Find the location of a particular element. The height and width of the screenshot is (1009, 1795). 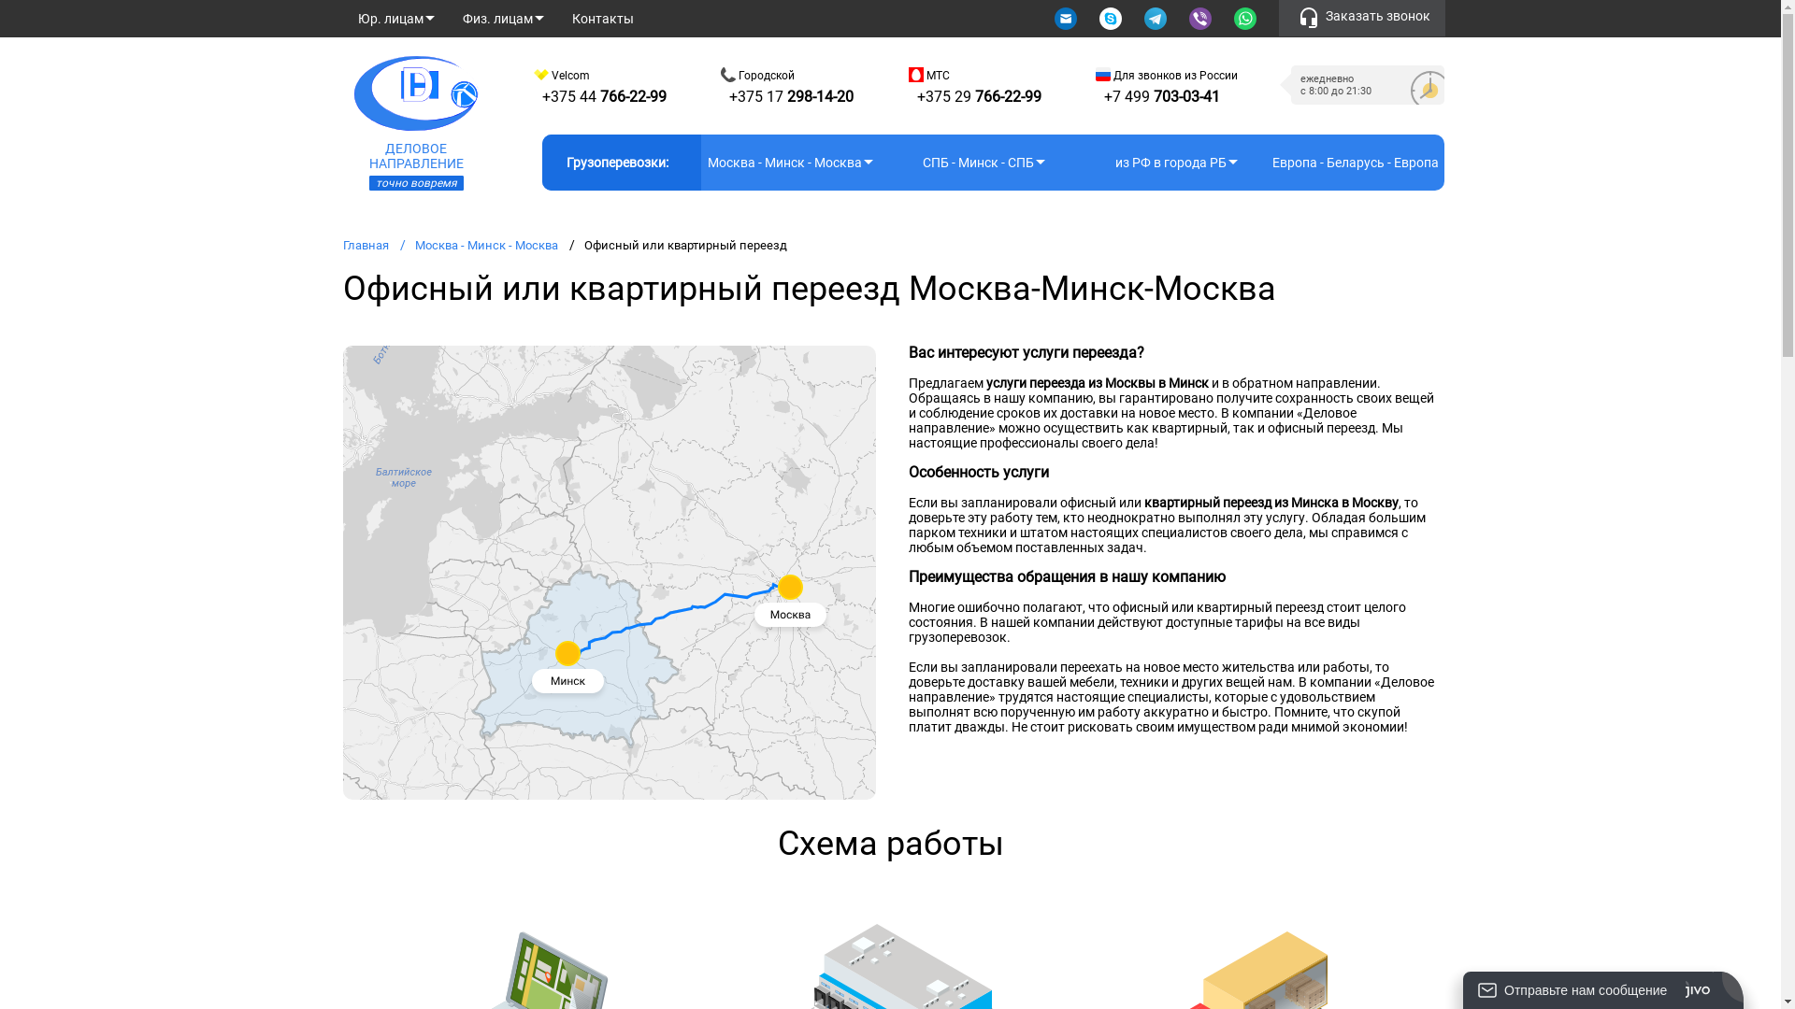

'Mail' is located at coordinates (1067, 18).